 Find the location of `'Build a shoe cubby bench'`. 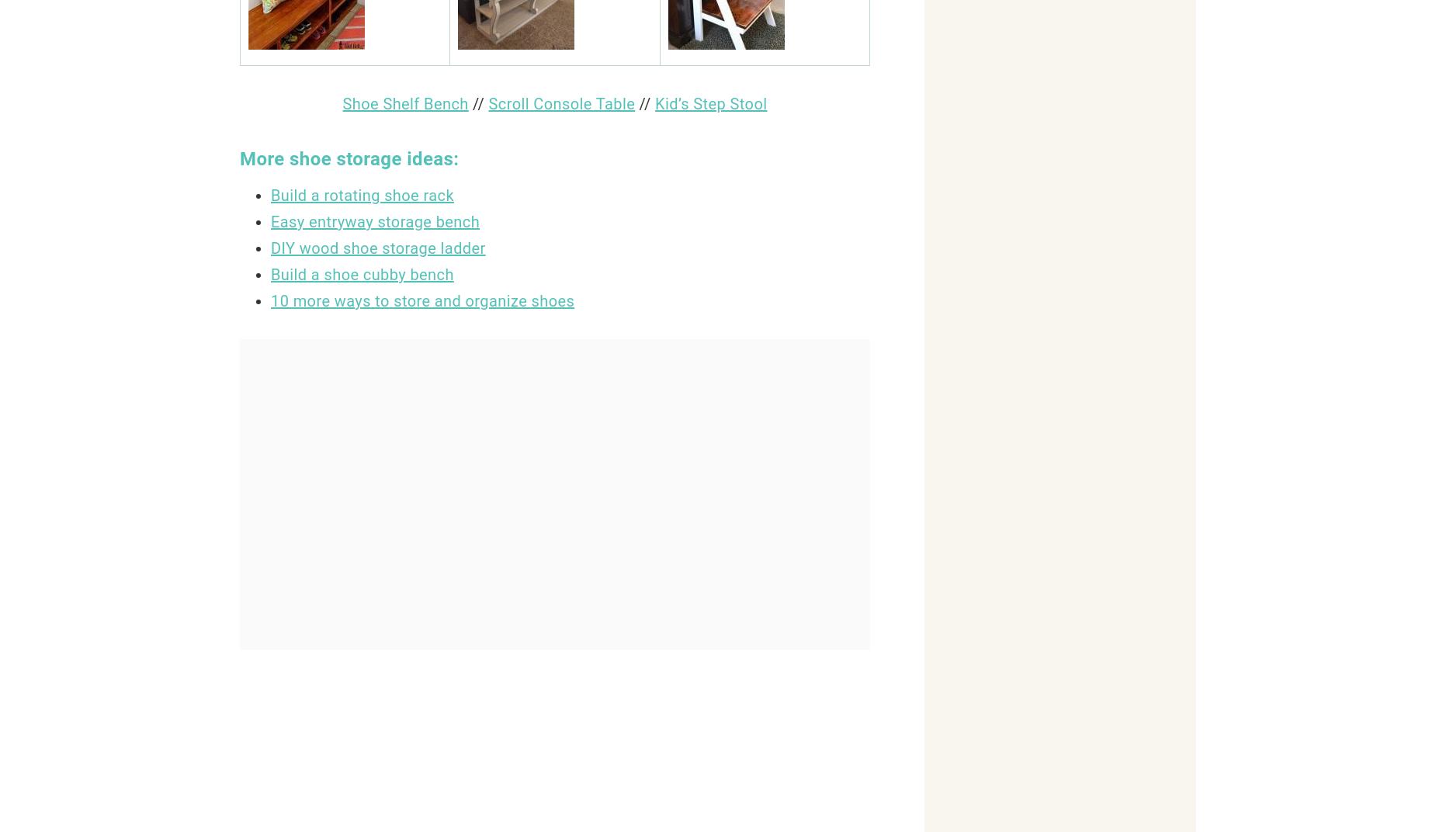

'Build a shoe cubby bench' is located at coordinates (362, 274).